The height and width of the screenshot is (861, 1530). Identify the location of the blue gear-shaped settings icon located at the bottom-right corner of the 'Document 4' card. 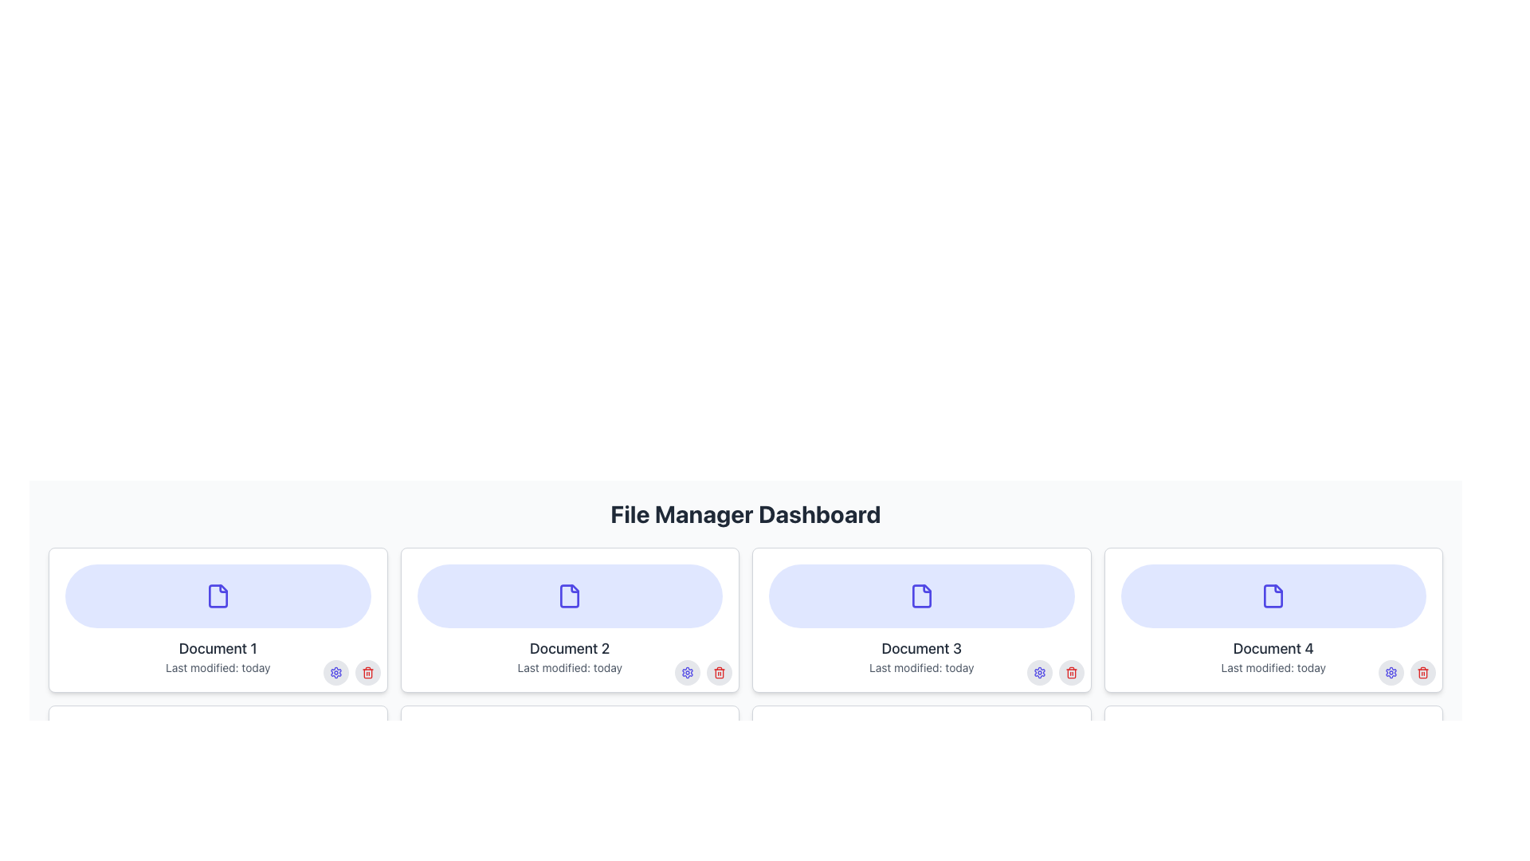
(1391, 673).